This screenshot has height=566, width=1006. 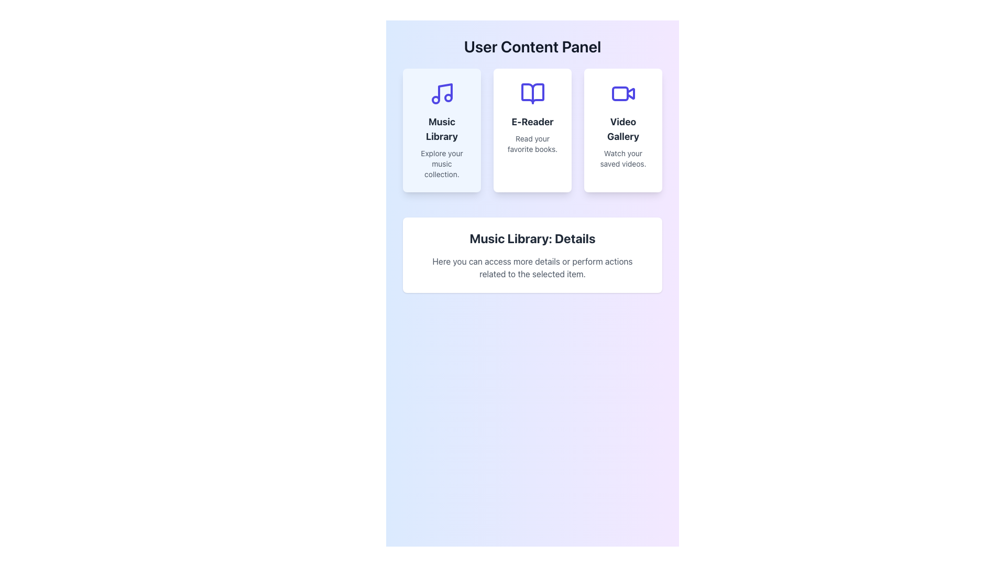 What do you see at coordinates (532, 144) in the screenshot?
I see `the static text label that reads 'Read your favorite books.' which is styled in a smaller font size with gray text color and centered alignment, located below the title 'E-Reader'` at bounding box center [532, 144].